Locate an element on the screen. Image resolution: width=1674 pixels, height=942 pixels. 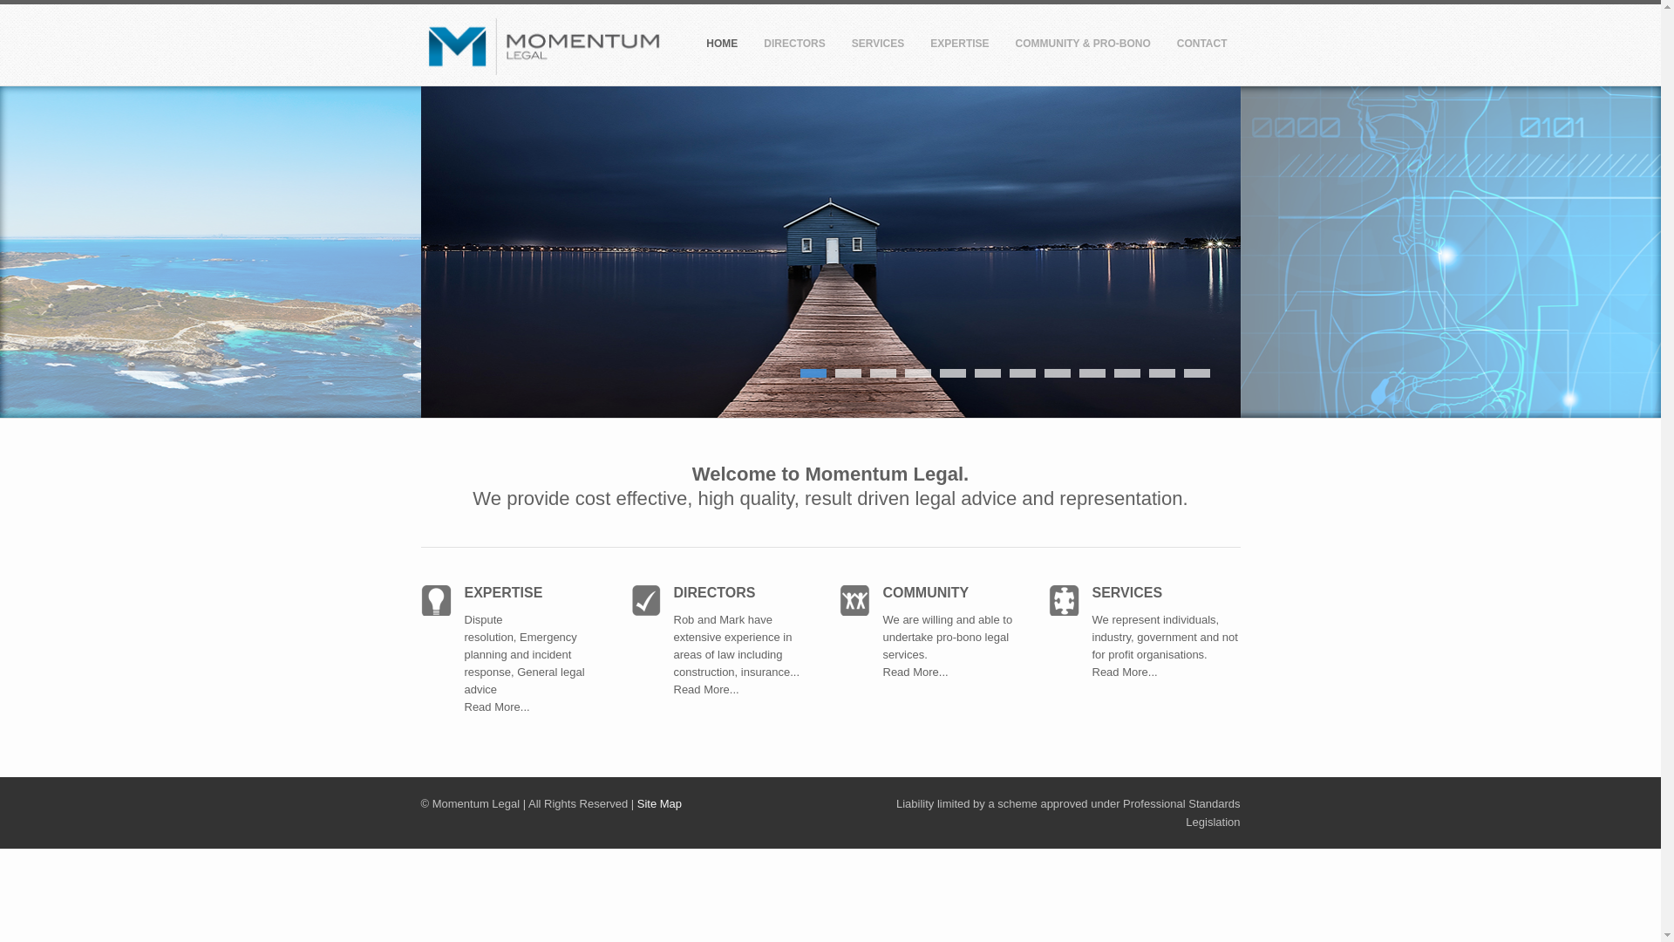
'6' is located at coordinates (987, 372).